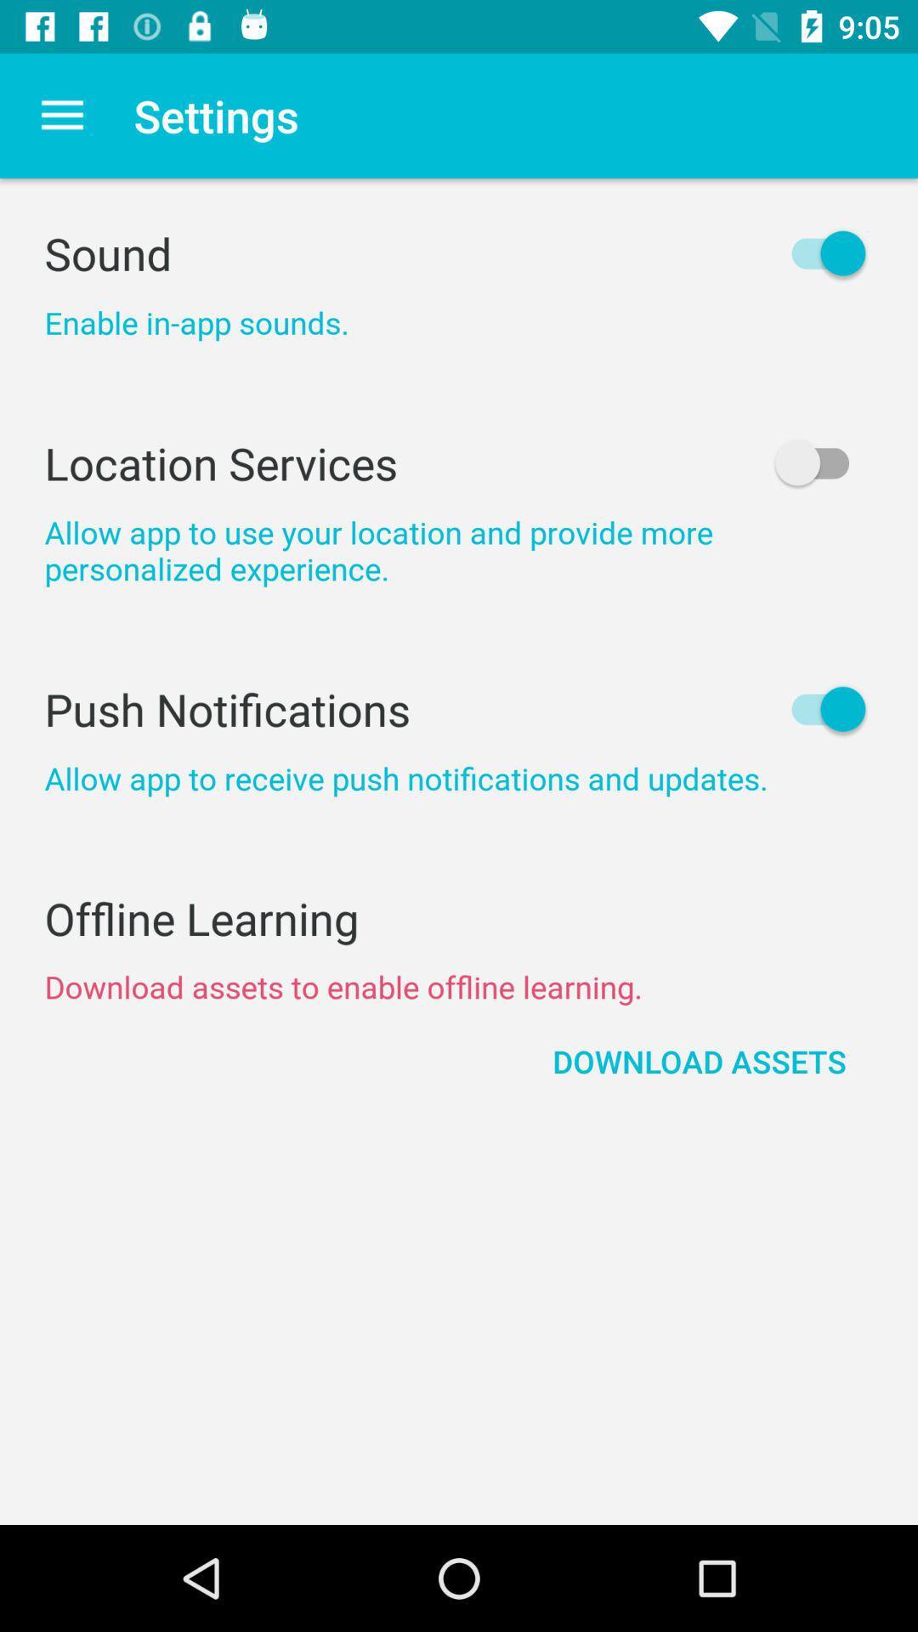 The image size is (918, 1632). What do you see at coordinates (459, 462) in the screenshot?
I see `item above the allow app to item` at bounding box center [459, 462].